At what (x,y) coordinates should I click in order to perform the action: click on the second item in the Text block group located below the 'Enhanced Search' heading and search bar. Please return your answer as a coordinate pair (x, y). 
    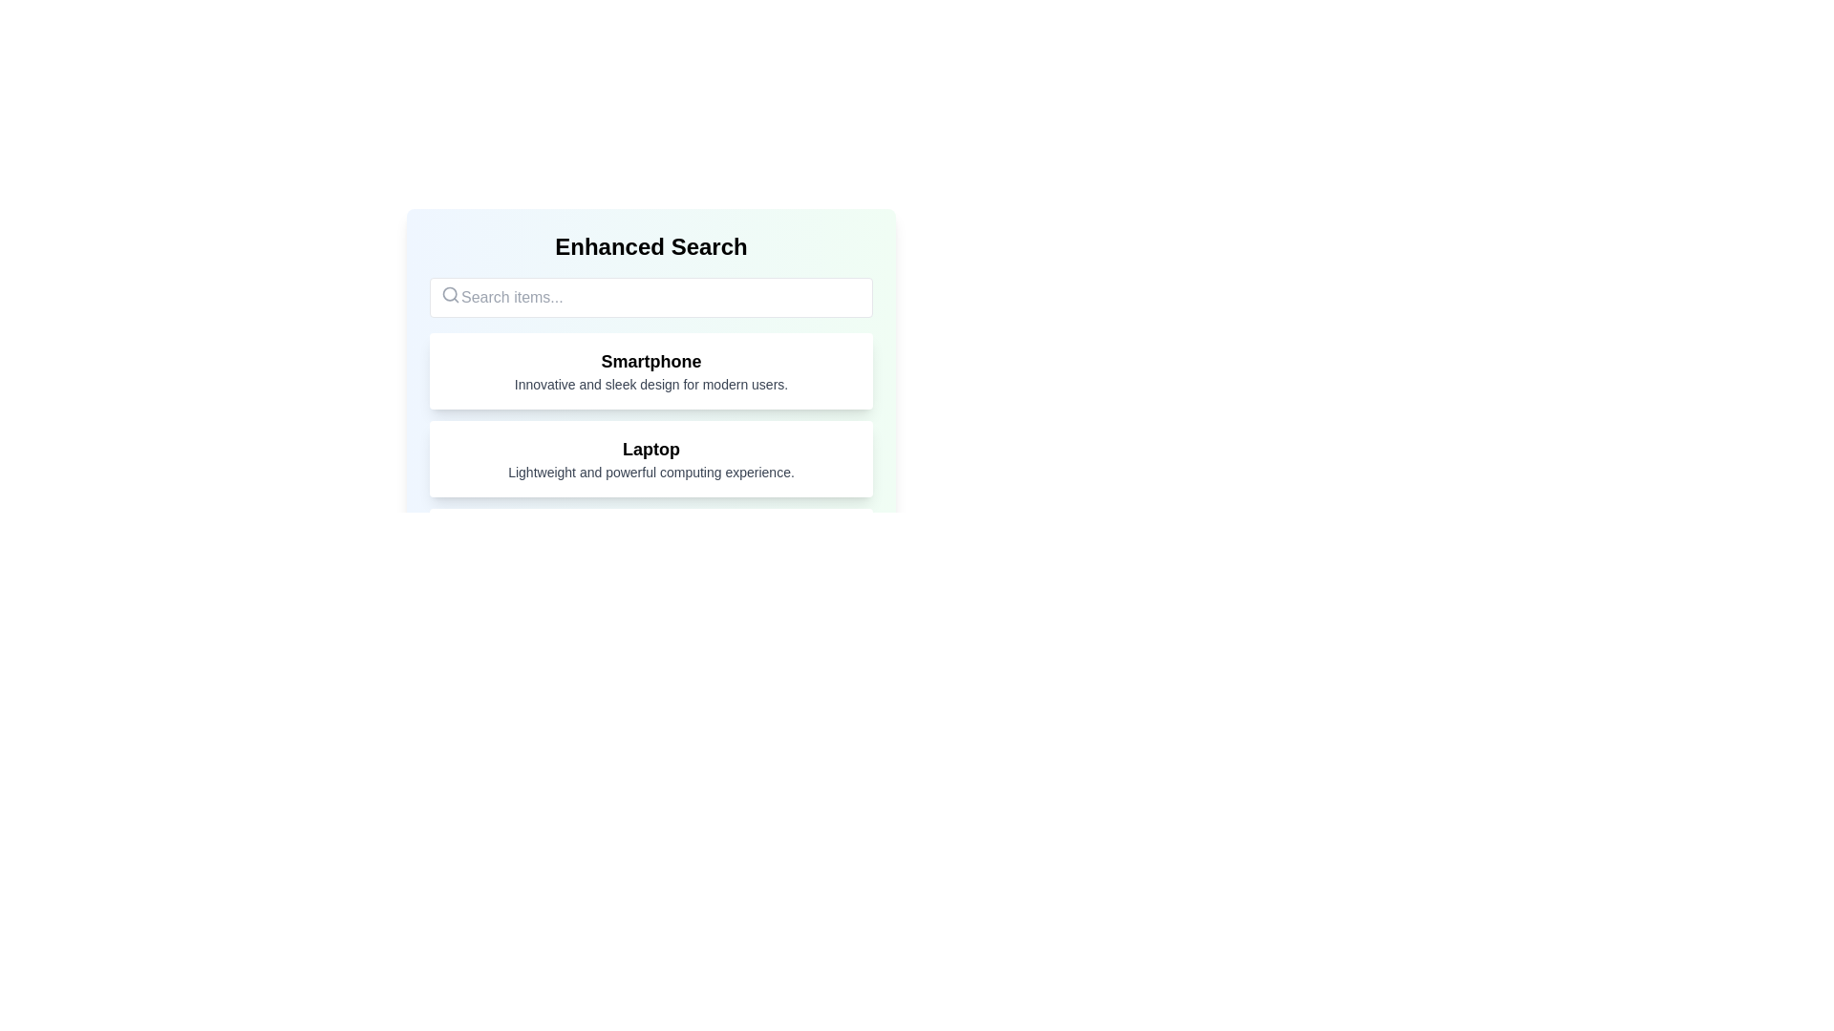
    Looking at the image, I should click on (650, 502).